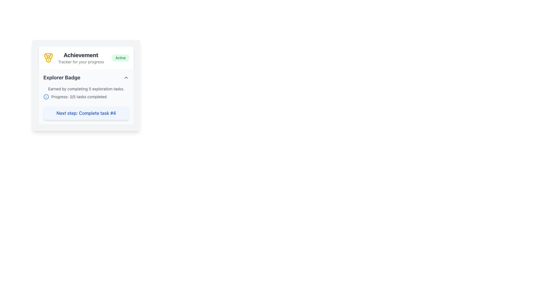 Image resolution: width=541 pixels, height=304 pixels. Describe the element at coordinates (86, 93) in the screenshot. I see `the Text Description Component that displays the completion status of tasks, located below the 'Explorer Badge' section and above the 'Next step: Complete task #4' note` at that location.